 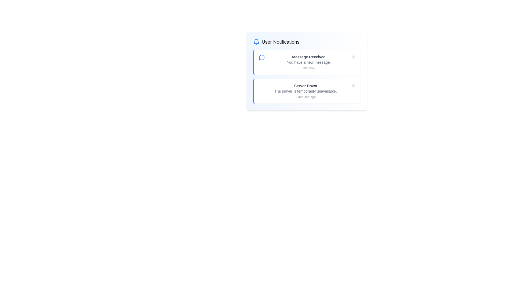 What do you see at coordinates (307, 42) in the screenshot?
I see `the center of the notification list header` at bounding box center [307, 42].